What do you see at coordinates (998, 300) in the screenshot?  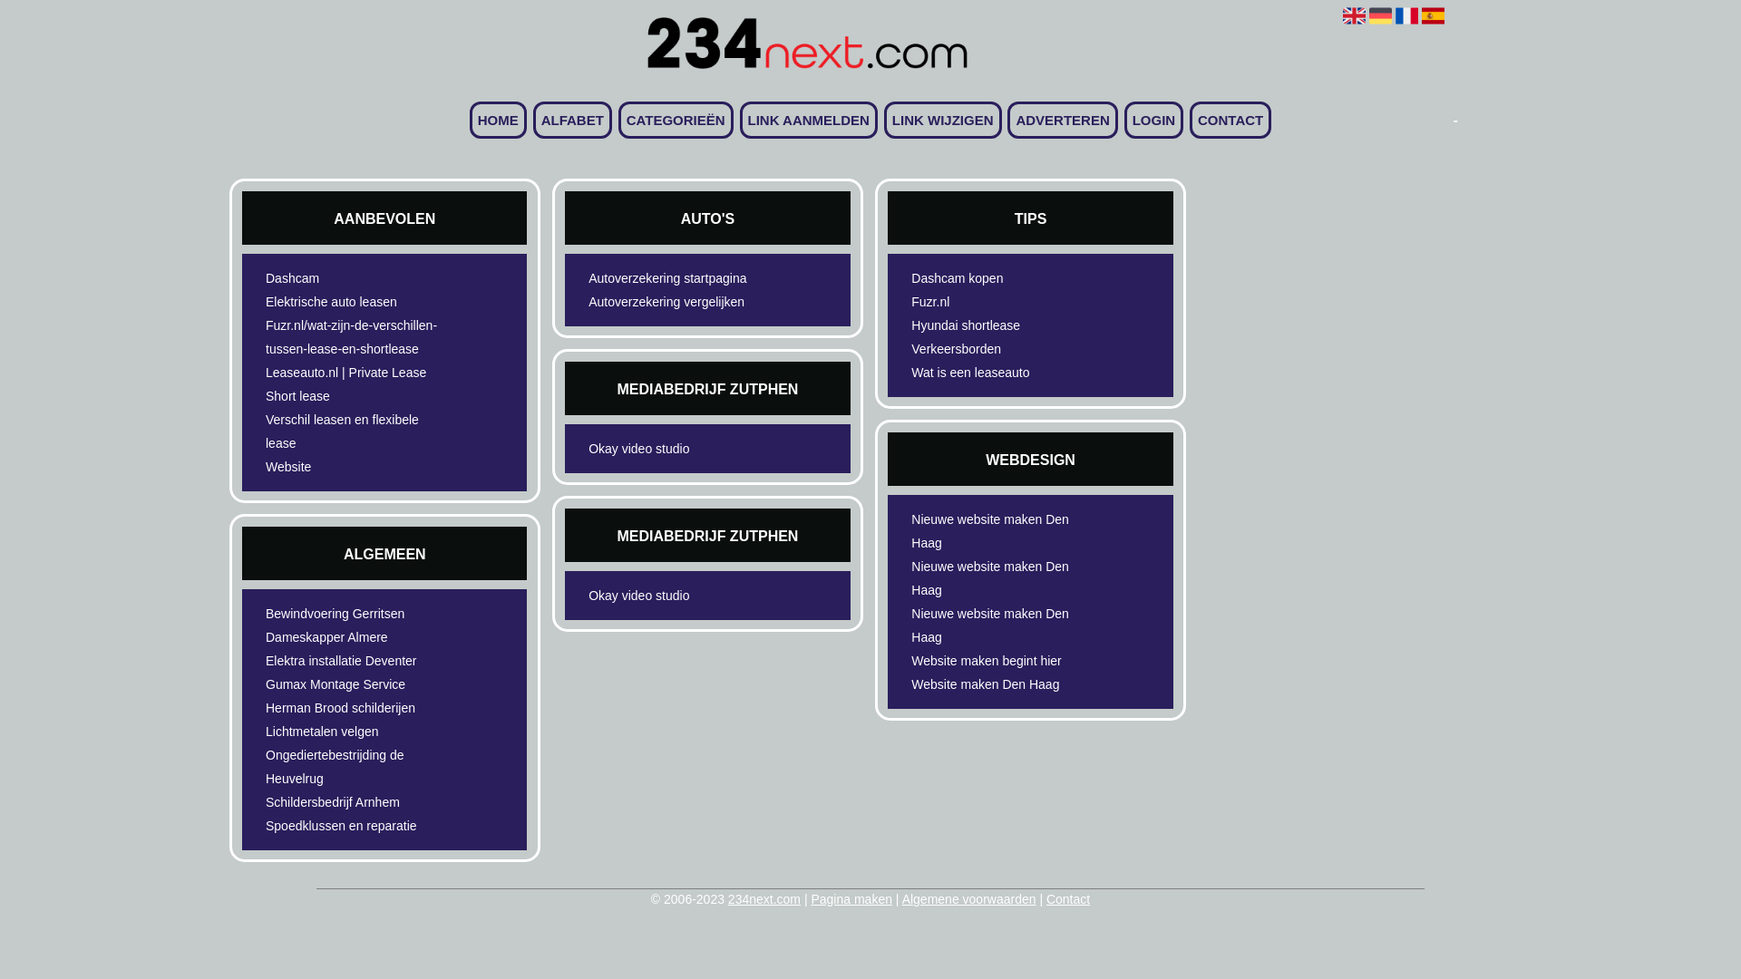 I see `'Fuzr.nl'` at bounding box center [998, 300].